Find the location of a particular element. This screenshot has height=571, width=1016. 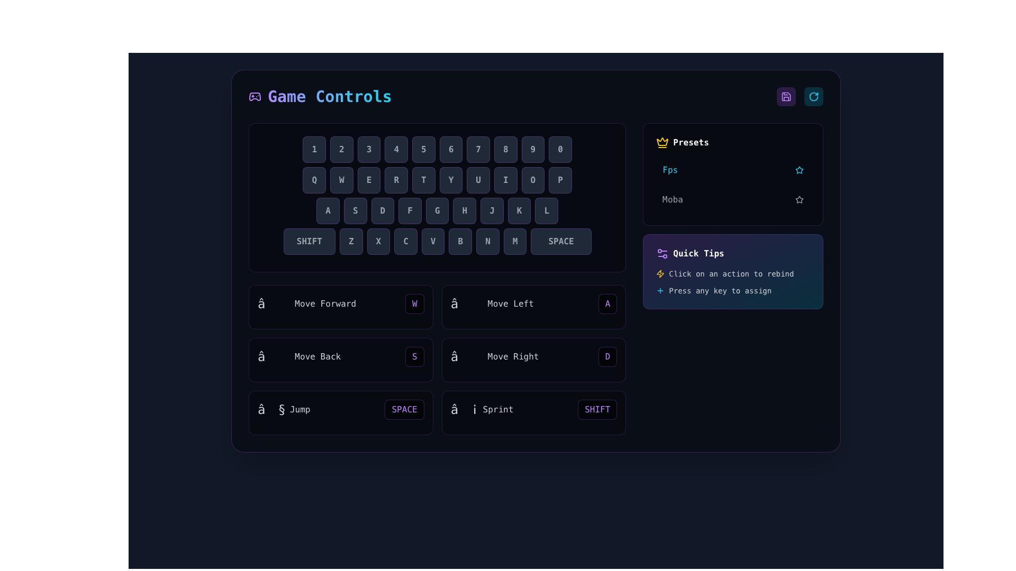

the button labeled 'S' in the virtual keyboard layout, which is a rectangular button with a dark background and light gray text, located between the 'A' and 'D' buttons is located at coordinates (355, 210).